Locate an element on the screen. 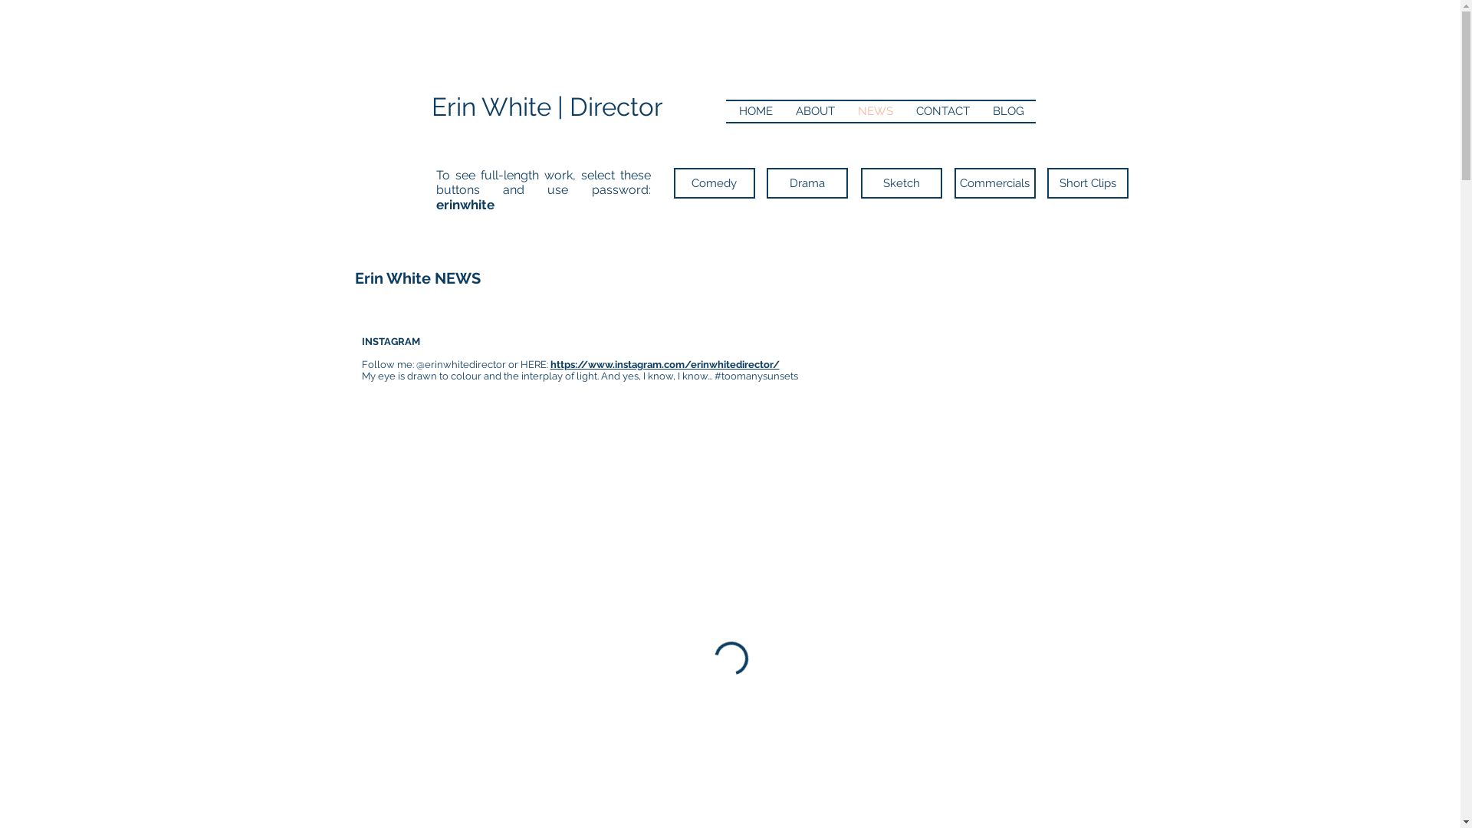 Image resolution: width=1472 pixels, height=828 pixels. 'BLOG' is located at coordinates (1008, 110).